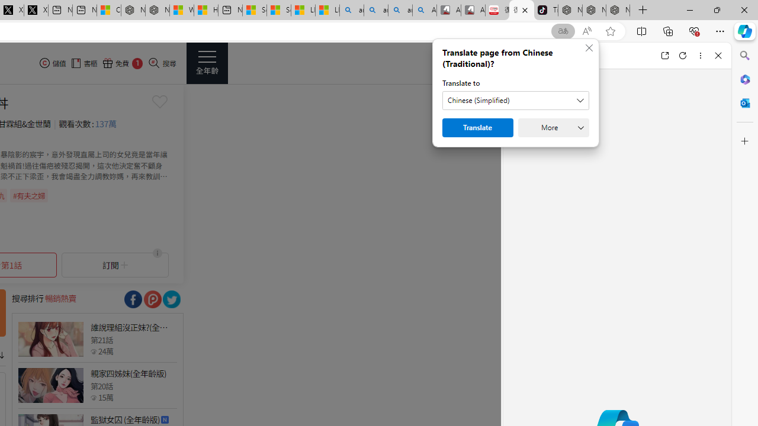 Image resolution: width=758 pixels, height=426 pixels. I want to click on 'Class: side_menu_btn actionRightMenuBtn', so click(207, 63).